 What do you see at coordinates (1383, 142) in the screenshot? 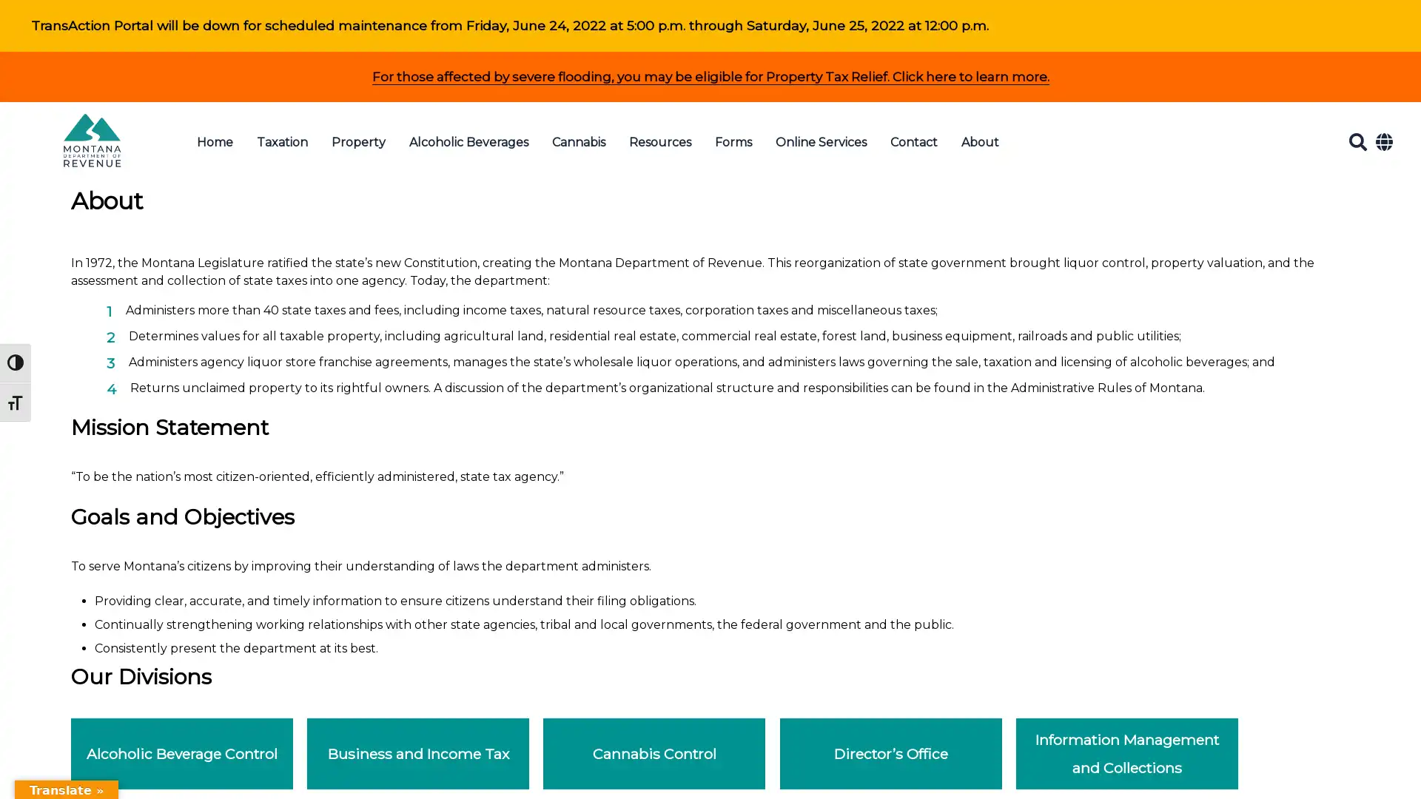
I see `Translate` at bounding box center [1383, 142].